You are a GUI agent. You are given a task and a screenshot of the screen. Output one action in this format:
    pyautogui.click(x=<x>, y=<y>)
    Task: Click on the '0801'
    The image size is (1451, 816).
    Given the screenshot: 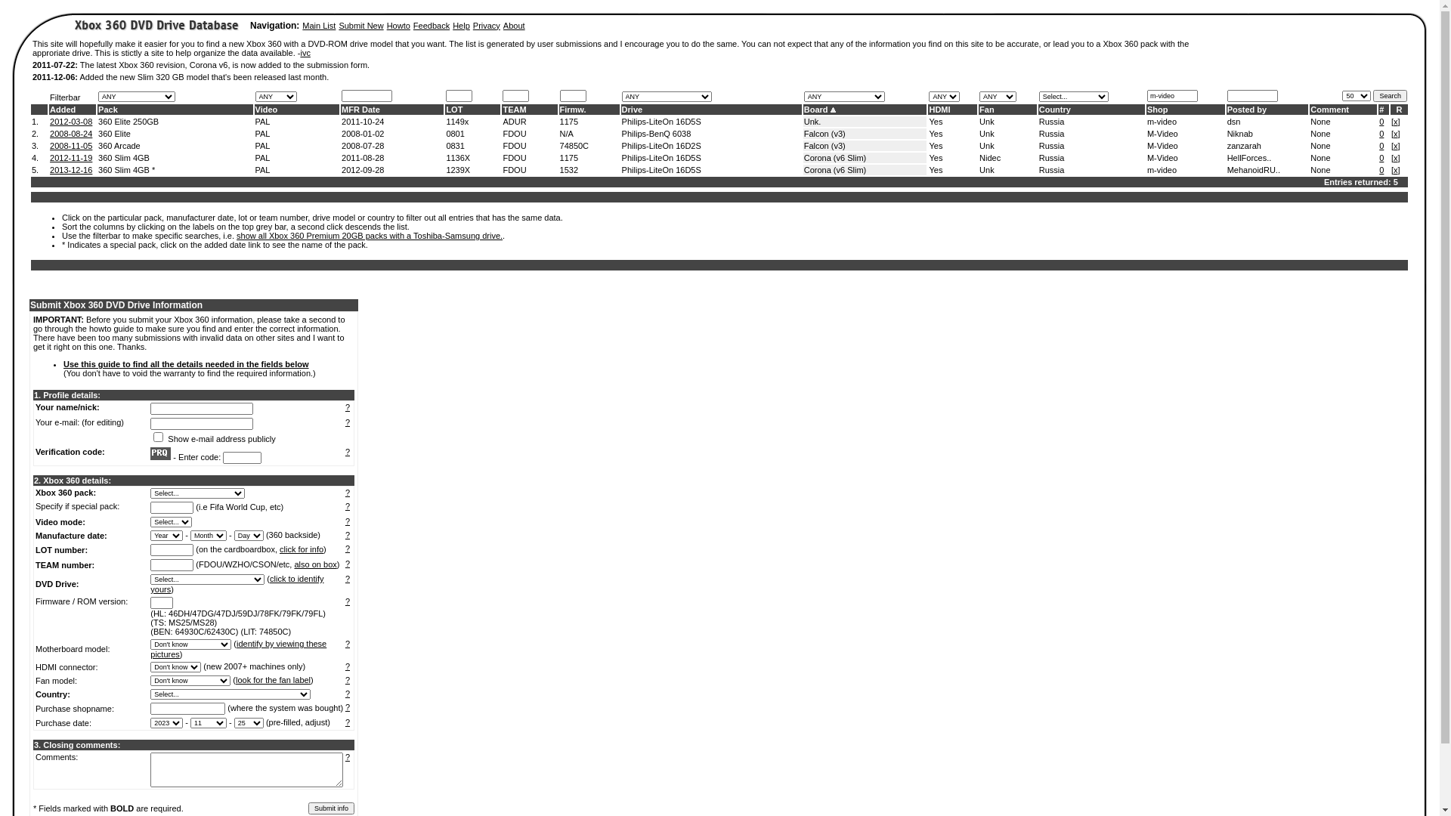 What is the action you would take?
    pyautogui.click(x=453, y=133)
    